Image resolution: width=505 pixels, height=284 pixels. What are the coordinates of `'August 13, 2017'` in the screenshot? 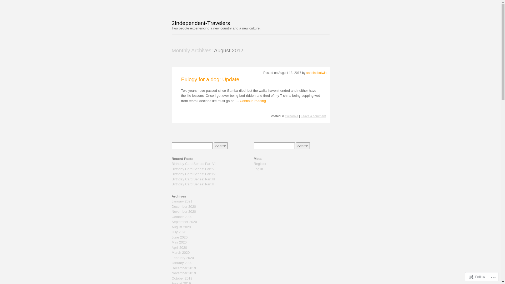 It's located at (278, 73).